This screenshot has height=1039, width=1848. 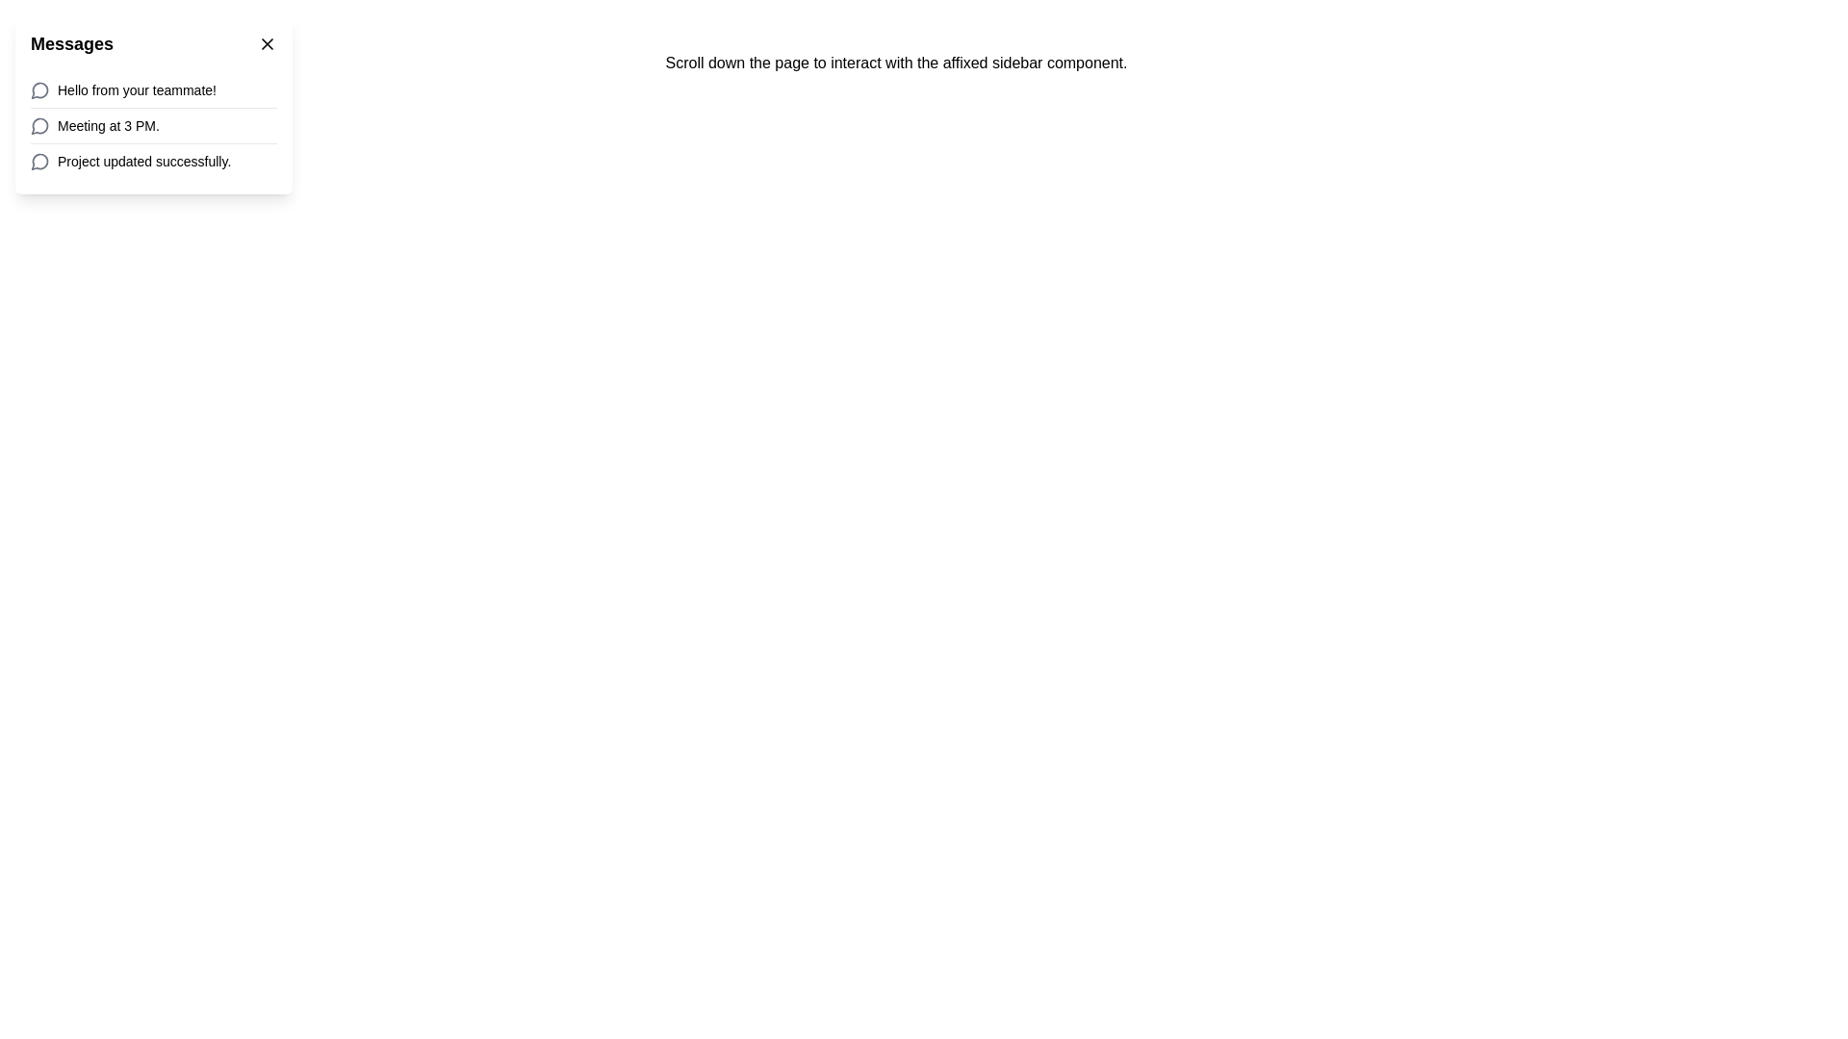 What do you see at coordinates (152, 160) in the screenshot?
I see `notification that states 'Project updated successfully.' located in the sidebar as the last item in the notification list` at bounding box center [152, 160].